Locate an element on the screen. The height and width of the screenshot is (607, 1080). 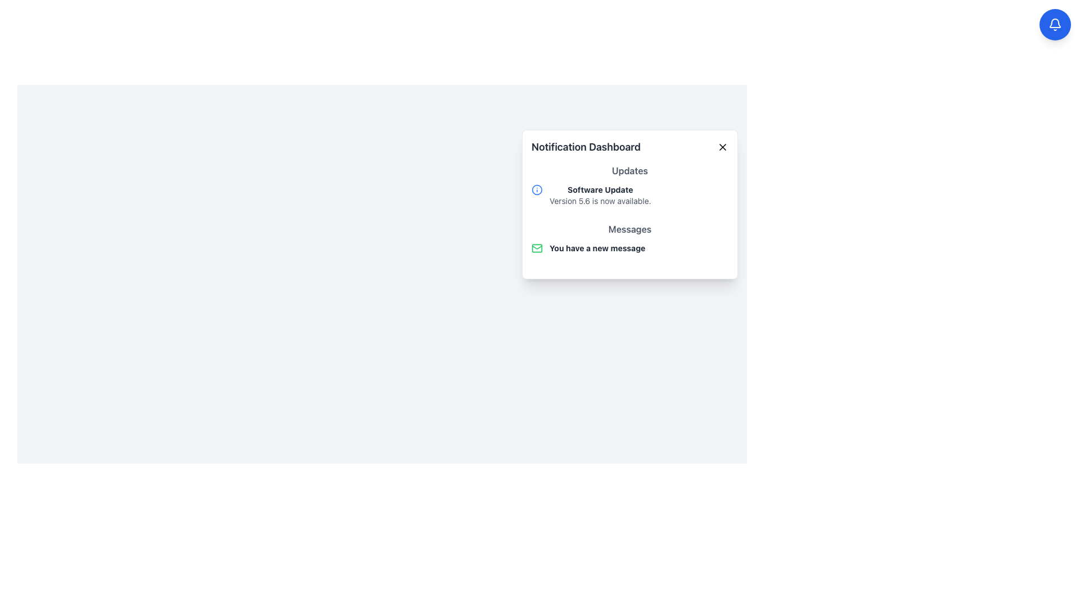
the static text element labeled 'Messages' in the 'Notification Dashboard', which indicates the section related to messages or notifications is located at coordinates (629, 229).